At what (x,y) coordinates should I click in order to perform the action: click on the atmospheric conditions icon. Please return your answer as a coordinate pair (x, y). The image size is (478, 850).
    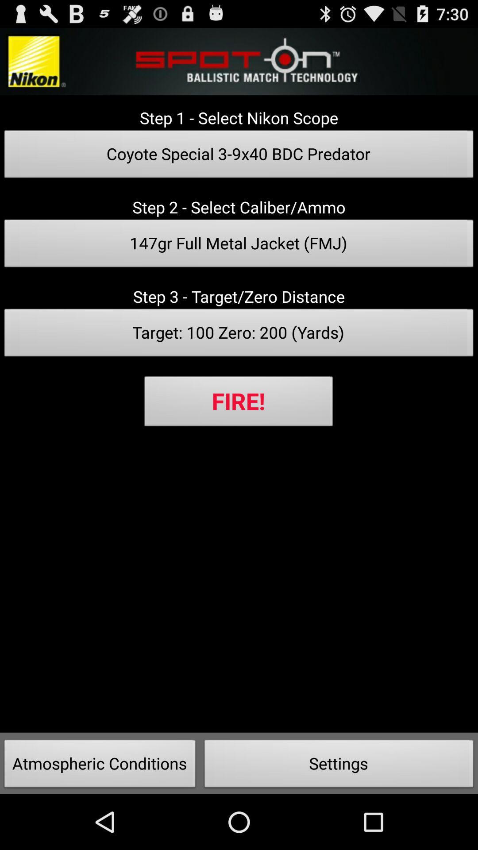
    Looking at the image, I should click on (100, 766).